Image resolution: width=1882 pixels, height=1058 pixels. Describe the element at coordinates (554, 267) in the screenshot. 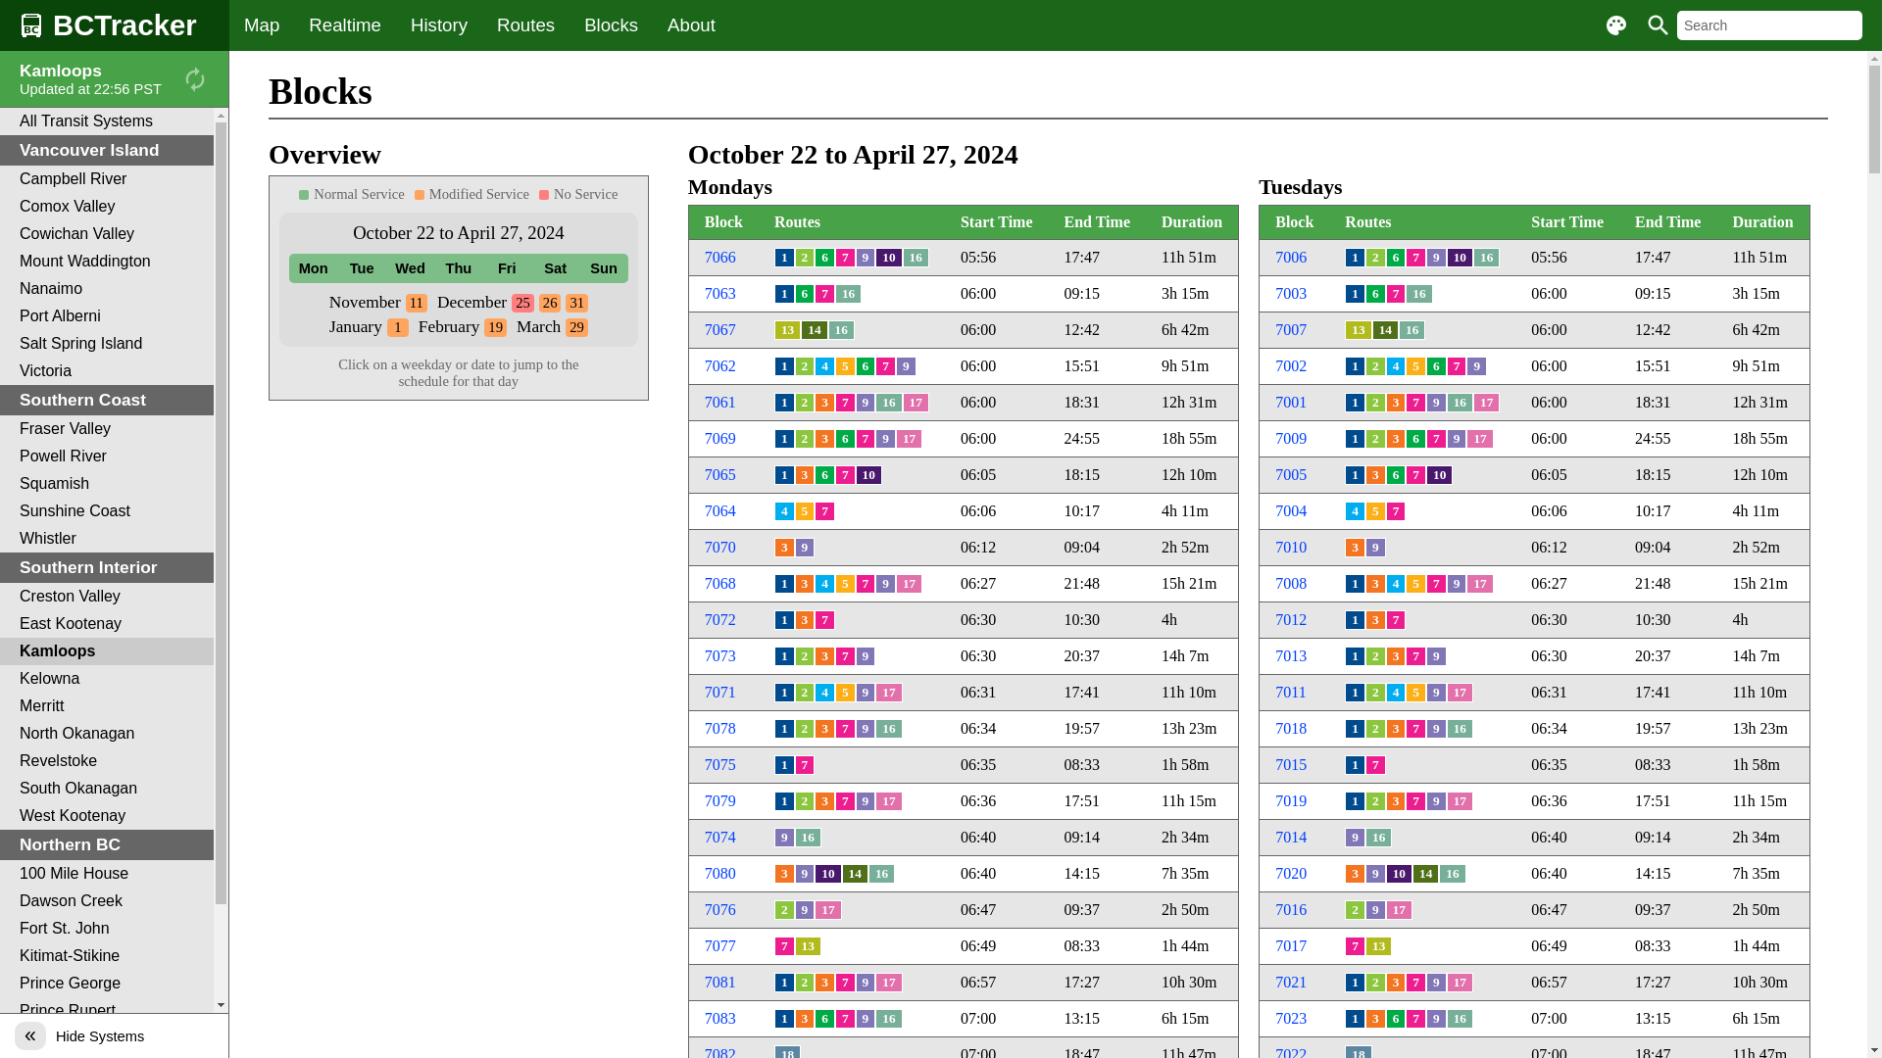

I see `'Sat'` at that location.